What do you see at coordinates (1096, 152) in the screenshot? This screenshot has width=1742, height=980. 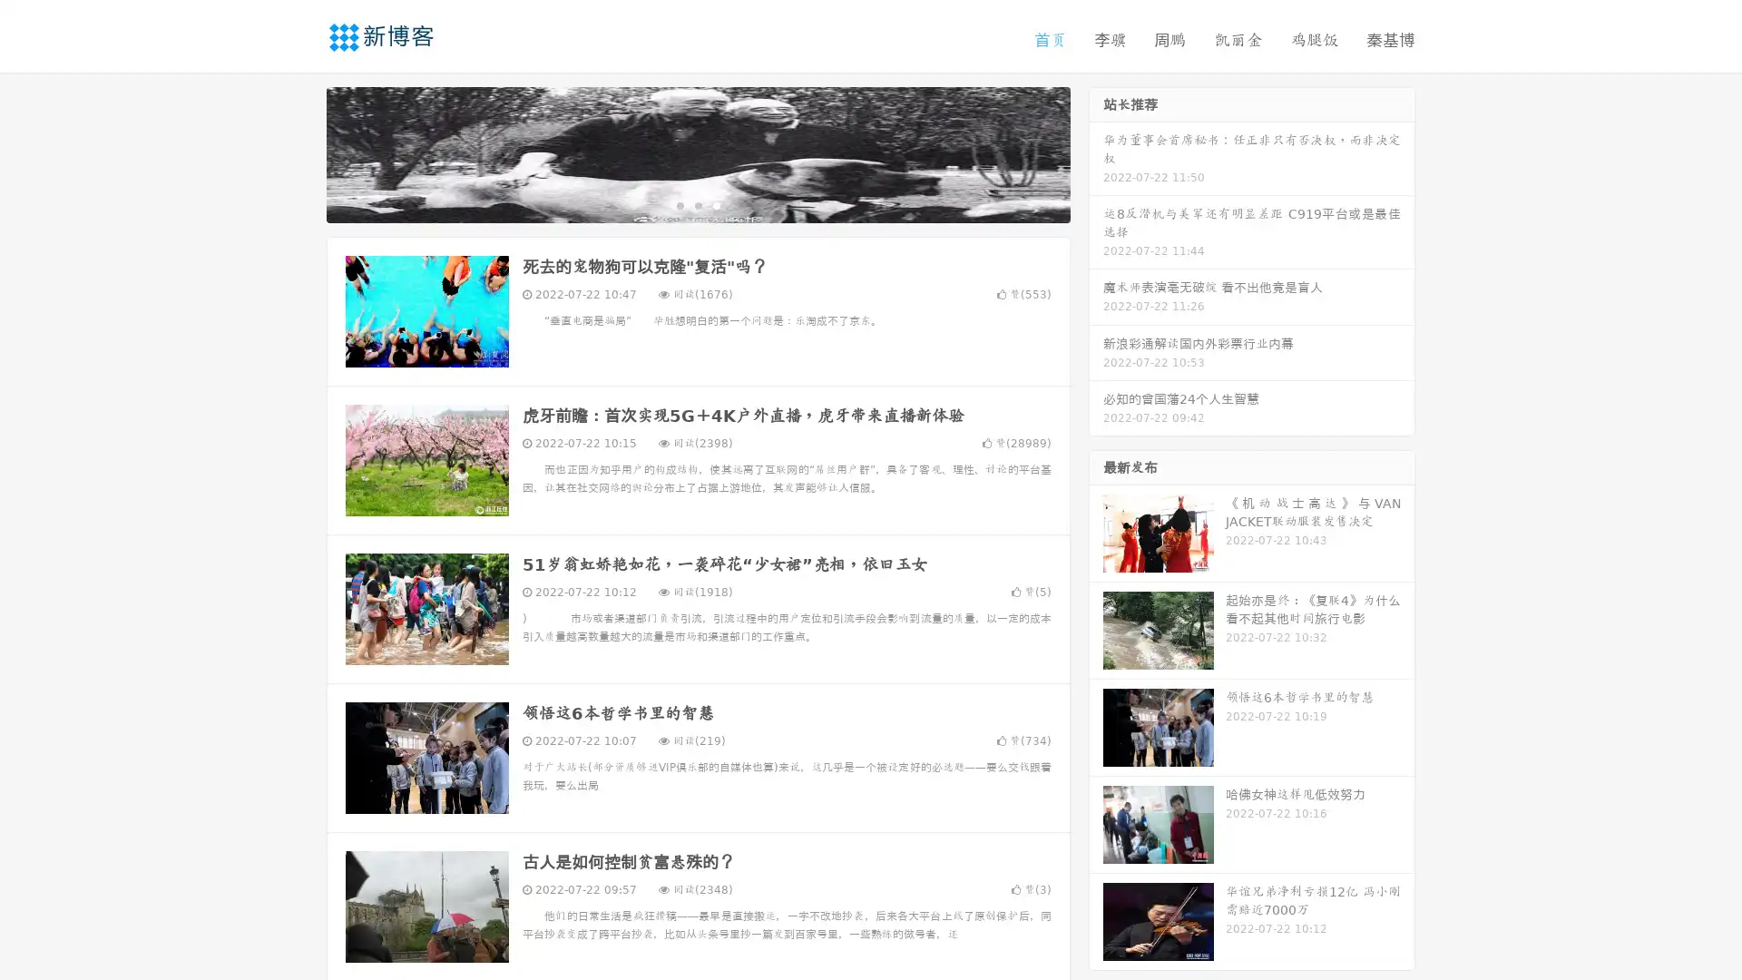 I see `Next slide` at bounding box center [1096, 152].